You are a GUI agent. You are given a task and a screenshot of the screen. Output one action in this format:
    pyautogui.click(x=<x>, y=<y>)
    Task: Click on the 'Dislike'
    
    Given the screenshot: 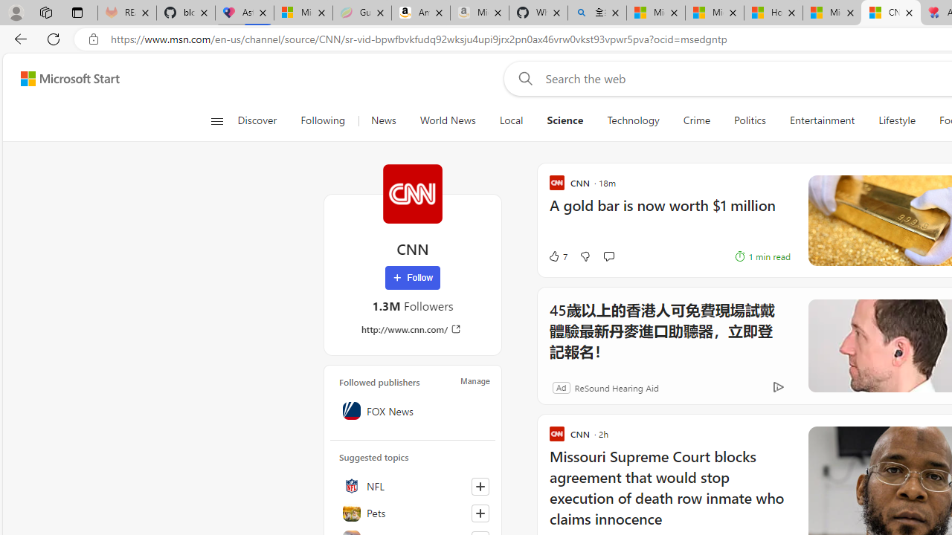 What is the action you would take?
    pyautogui.click(x=584, y=256)
    